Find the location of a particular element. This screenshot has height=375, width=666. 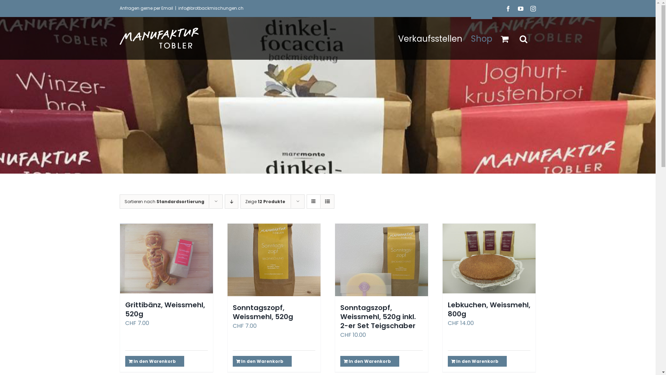

'In den Warenkorb' is located at coordinates (154, 361).